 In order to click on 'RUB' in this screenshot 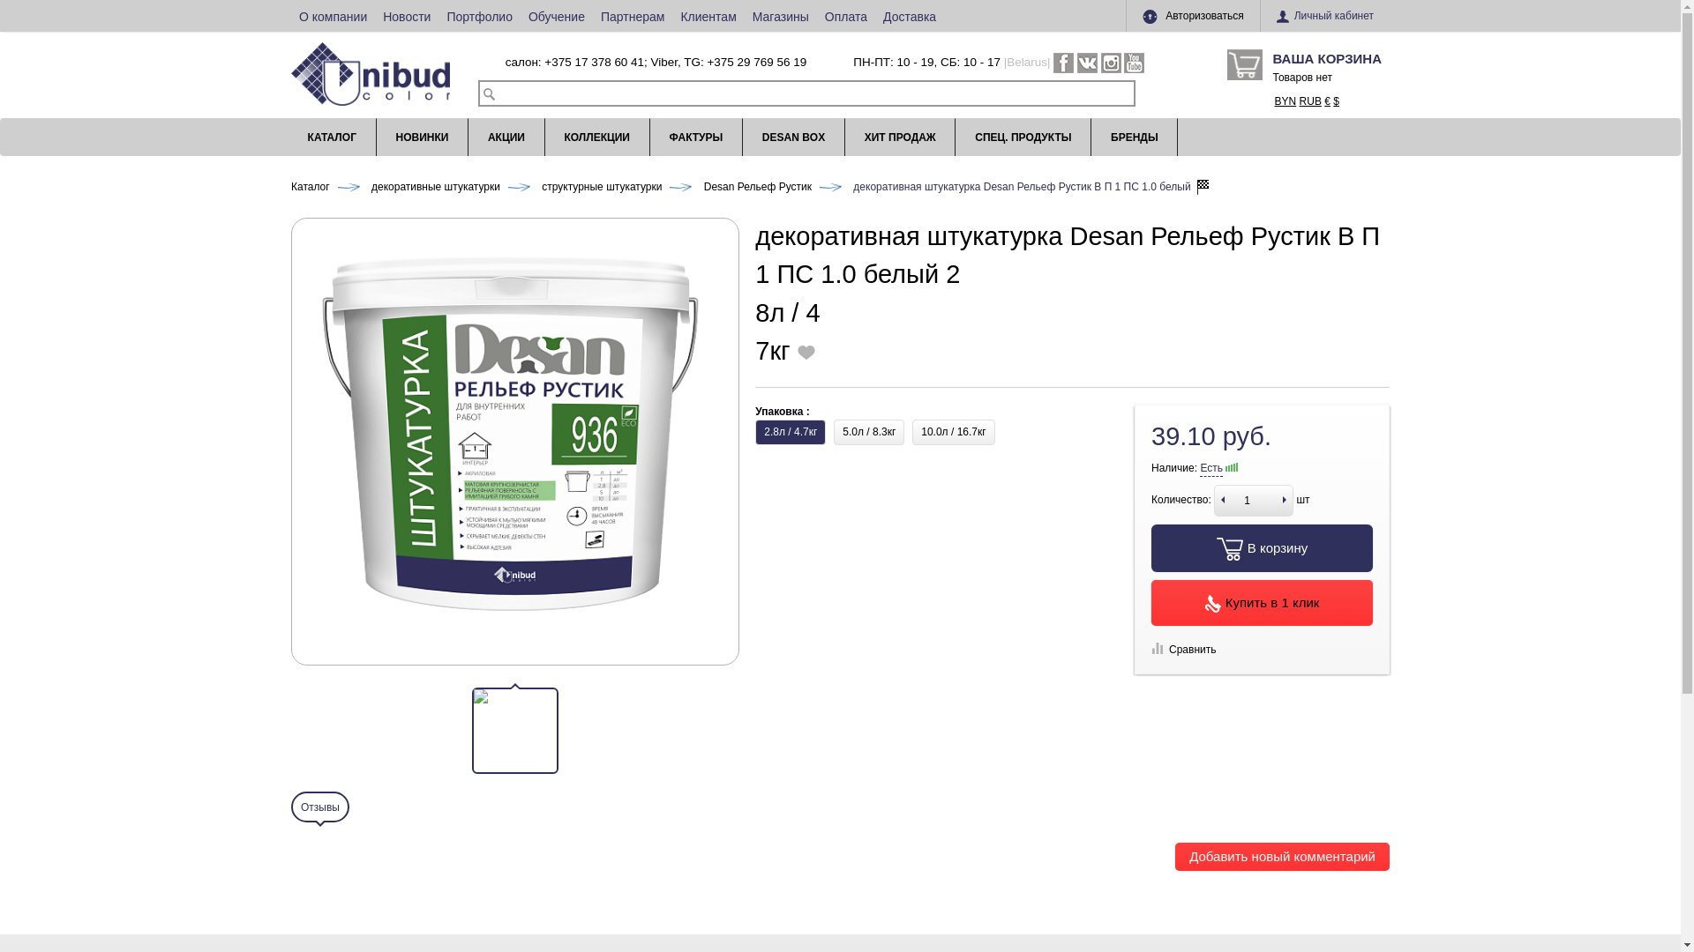, I will do `click(1310, 101)`.